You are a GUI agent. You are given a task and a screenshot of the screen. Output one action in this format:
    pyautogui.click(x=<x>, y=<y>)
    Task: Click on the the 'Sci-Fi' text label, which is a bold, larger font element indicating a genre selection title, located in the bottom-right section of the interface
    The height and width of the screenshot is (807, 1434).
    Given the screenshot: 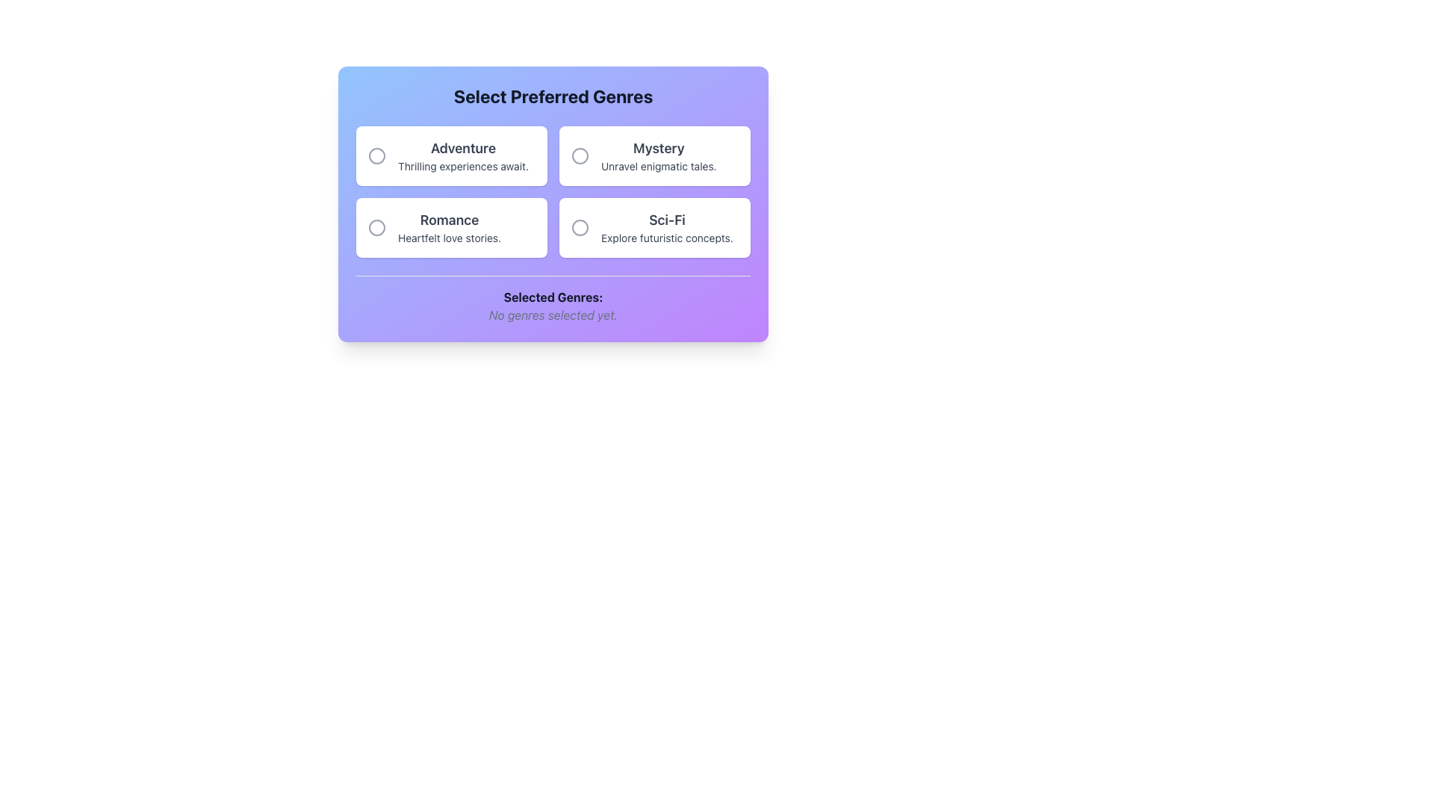 What is the action you would take?
    pyautogui.click(x=666, y=220)
    